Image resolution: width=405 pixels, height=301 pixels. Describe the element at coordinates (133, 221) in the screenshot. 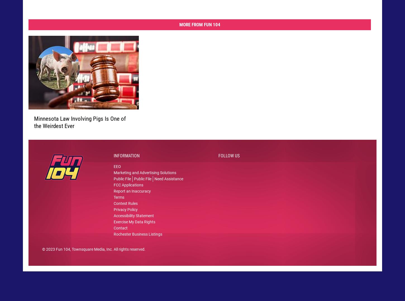

I see `'Accessibility Statement'` at that location.